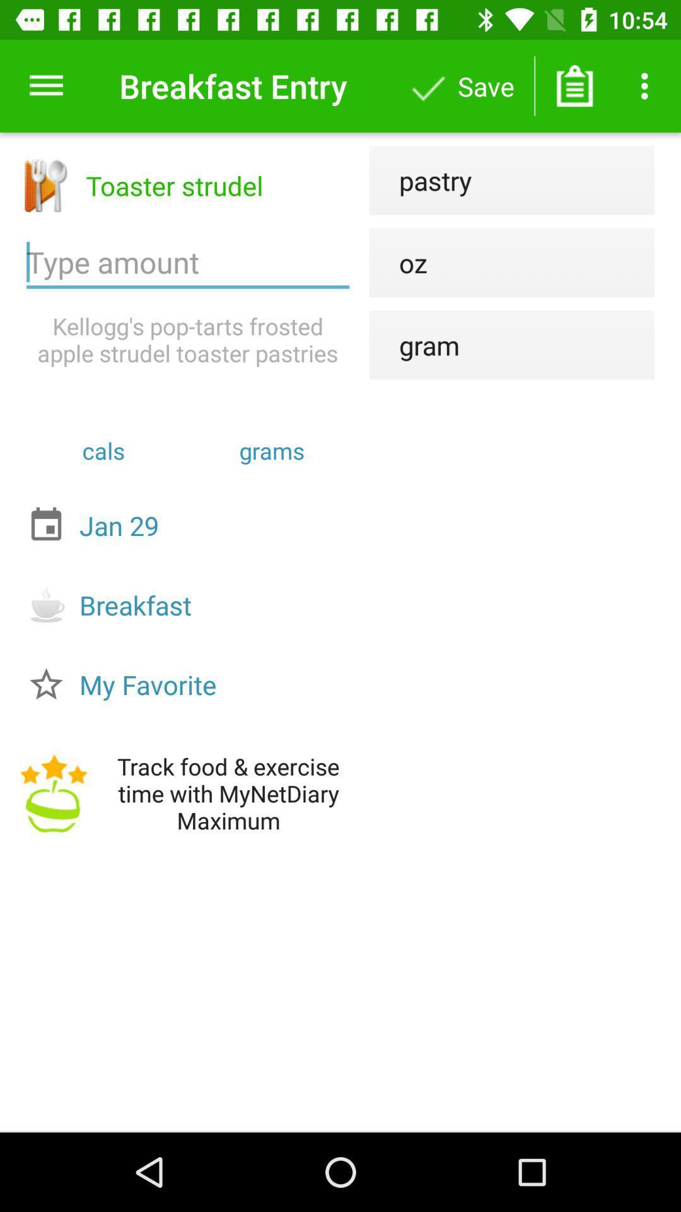  What do you see at coordinates (191, 525) in the screenshot?
I see `icon above the breakfast icon` at bounding box center [191, 525].